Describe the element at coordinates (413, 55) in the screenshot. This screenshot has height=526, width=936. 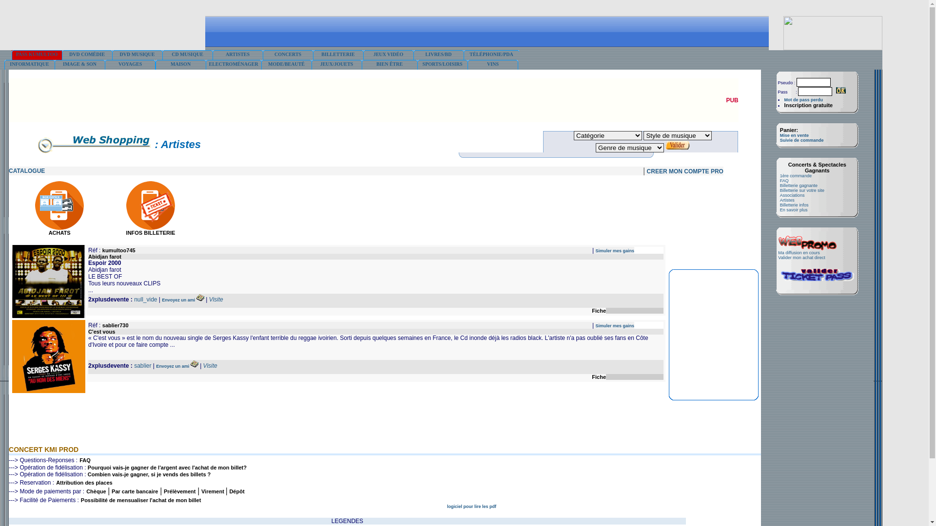
I see `'LIVRES/BD'` at that location.